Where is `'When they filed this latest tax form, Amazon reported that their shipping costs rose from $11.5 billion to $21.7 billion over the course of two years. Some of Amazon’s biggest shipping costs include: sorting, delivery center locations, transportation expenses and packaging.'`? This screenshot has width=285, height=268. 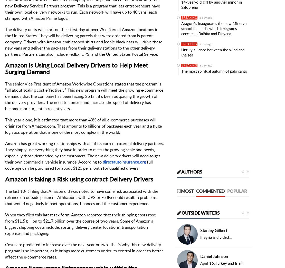 'When they filed this latest tax form, Amazon reported that their shipping costs rose from $11.5 billion to $21.7 billion over the course of two years. Some of Amazon’s biggest shipping costs include: sorting, delivery center locations, transportation expenses and packaging.' is located at coordinates (80, 224).